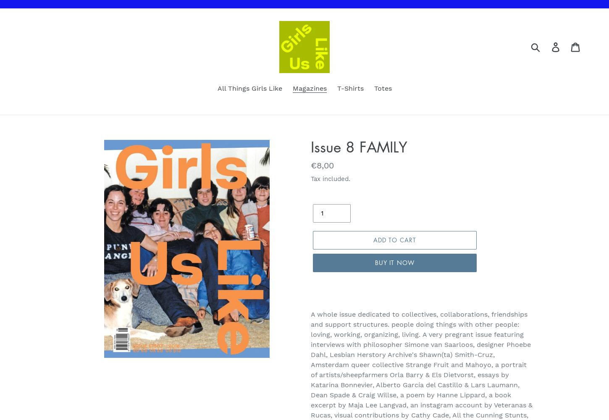 The width and height of the screenshot is (609, 420). Describe the element at coordinates (310, 146) in the screenshot. I see `'Issue 8 FAMILY'` at that location.